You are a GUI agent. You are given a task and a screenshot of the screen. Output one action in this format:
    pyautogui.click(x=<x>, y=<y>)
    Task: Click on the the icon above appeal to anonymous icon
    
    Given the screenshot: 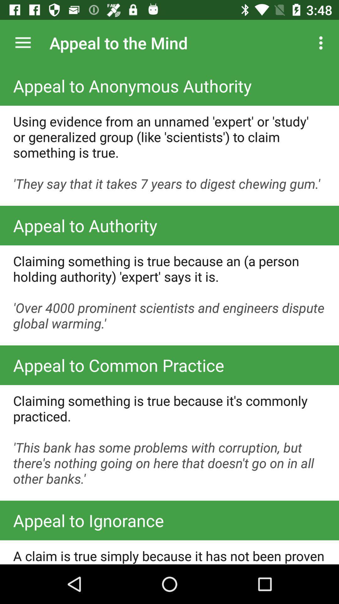 What is the action you would take?
    pyautogui.click(x=23, y=42)
    